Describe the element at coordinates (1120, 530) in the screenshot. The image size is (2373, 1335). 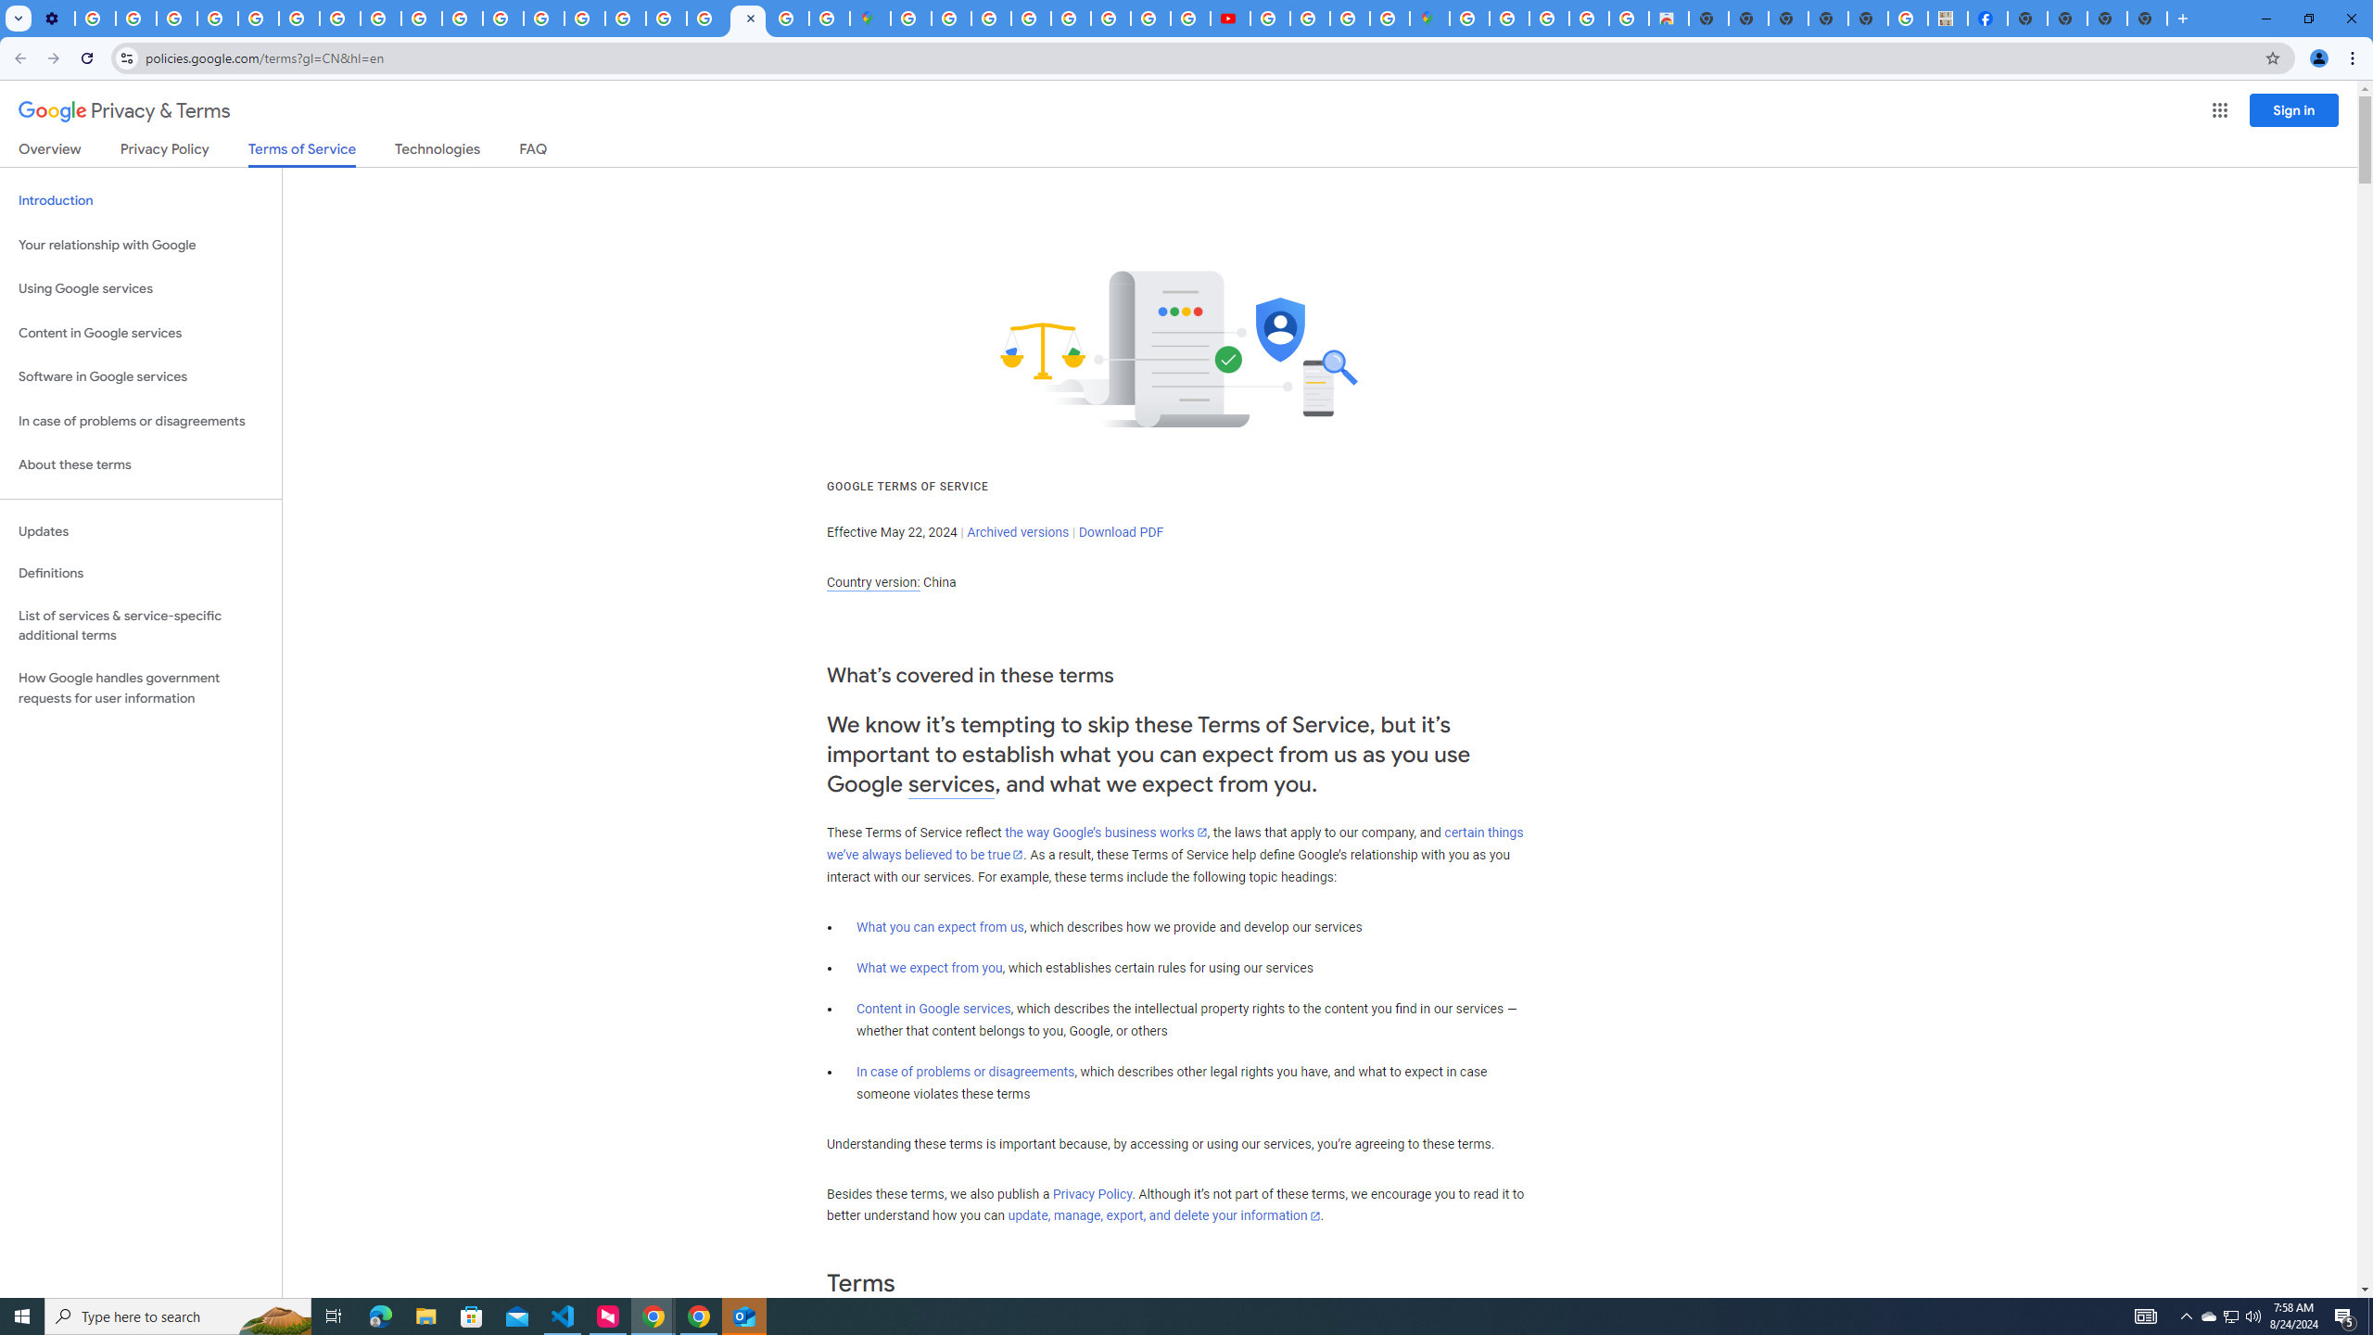
I see `'Download PDF'` at that location.